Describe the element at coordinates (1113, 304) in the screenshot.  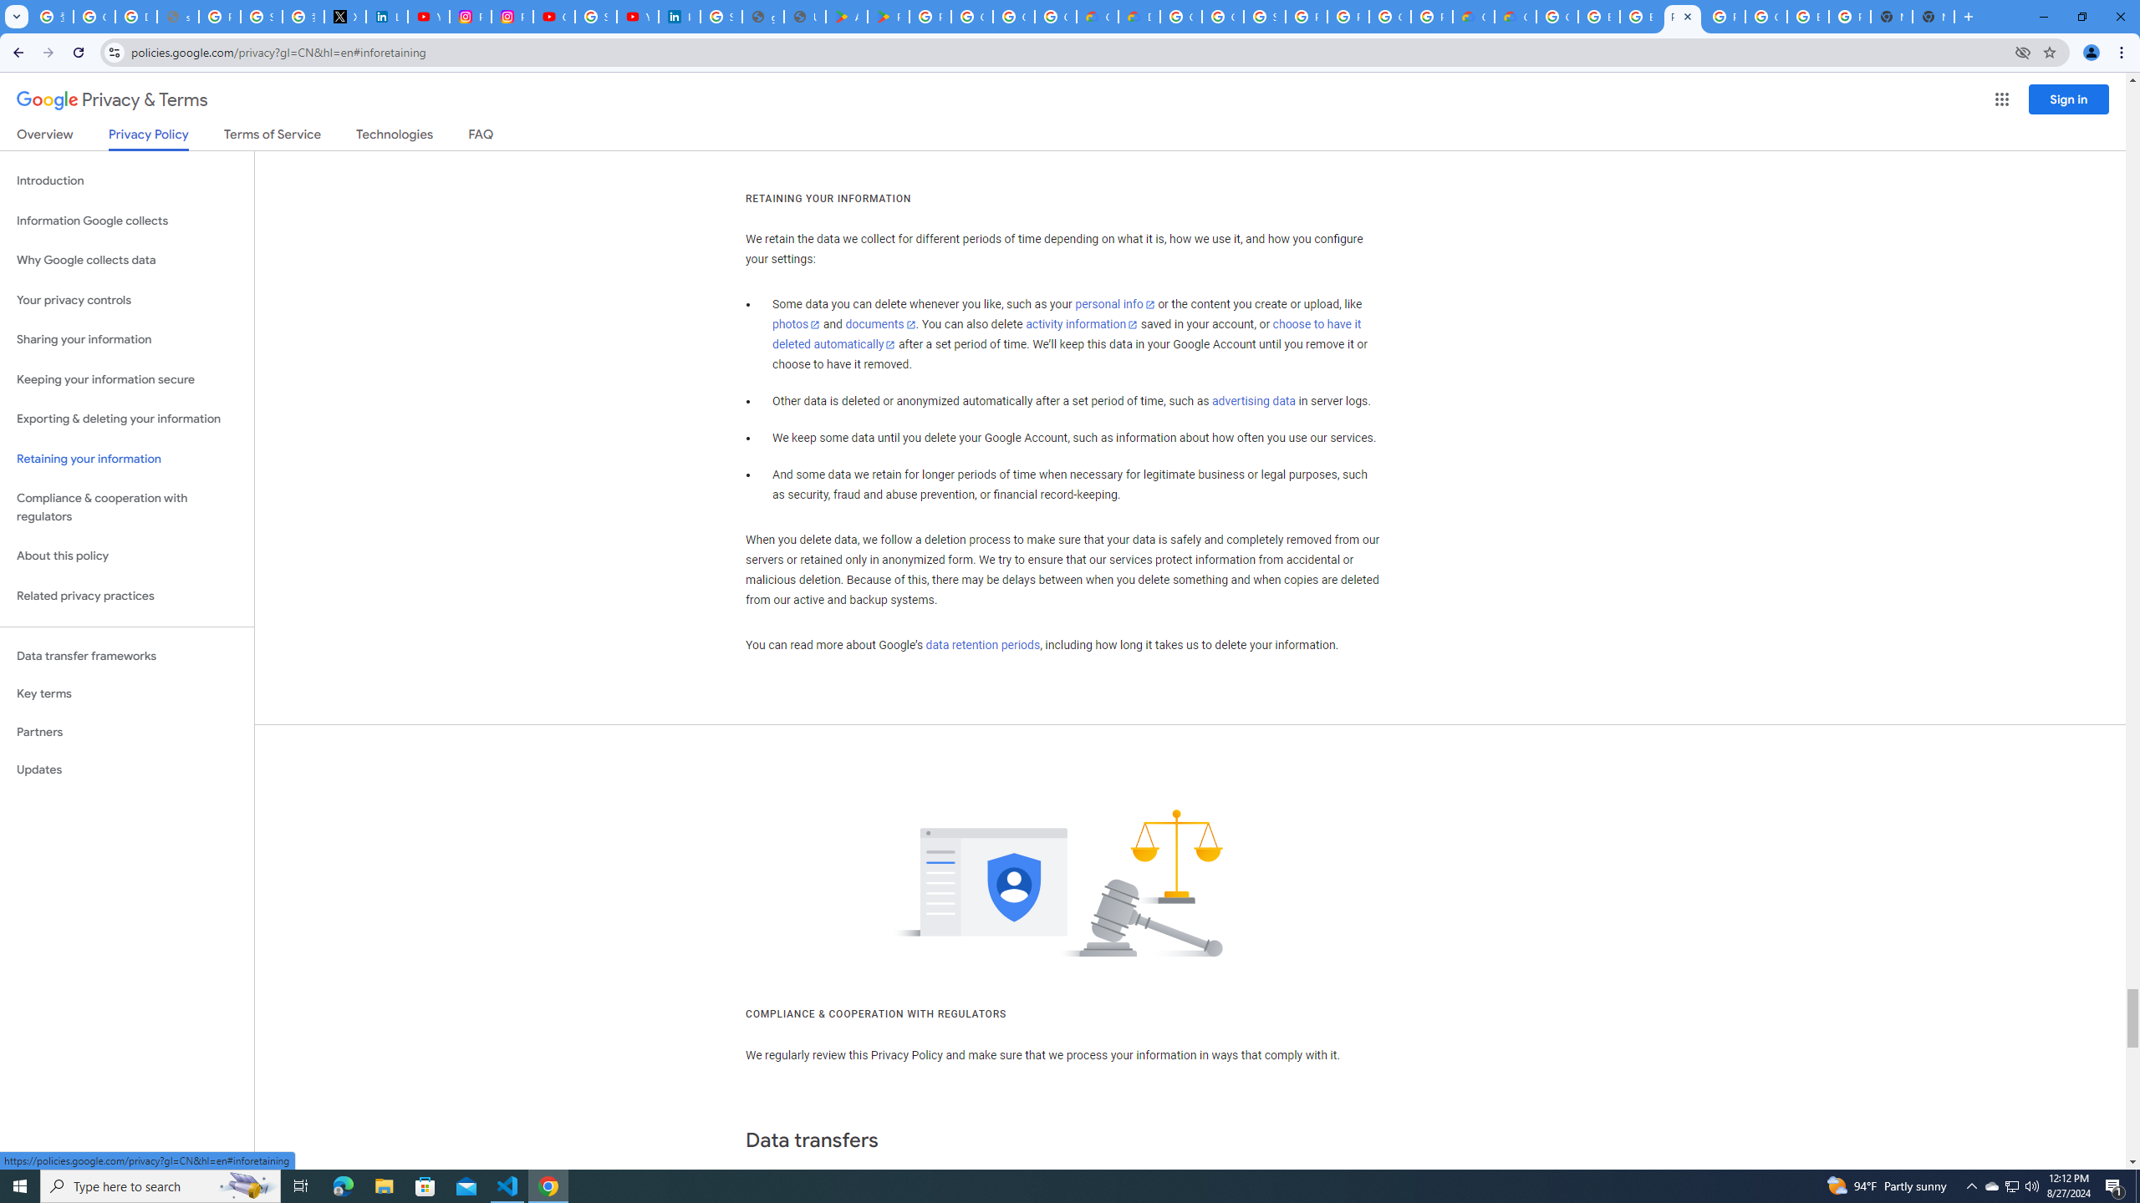
I see `'personal info'` at that location.